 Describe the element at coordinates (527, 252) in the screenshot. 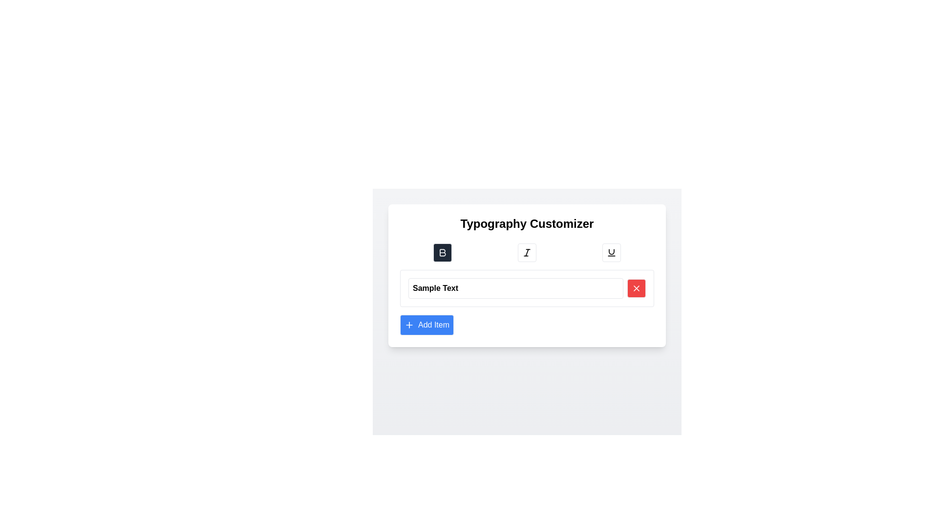

I see `the italic 'I' icon button in the typography control panel to apply italic styling to the selected text` at that location.